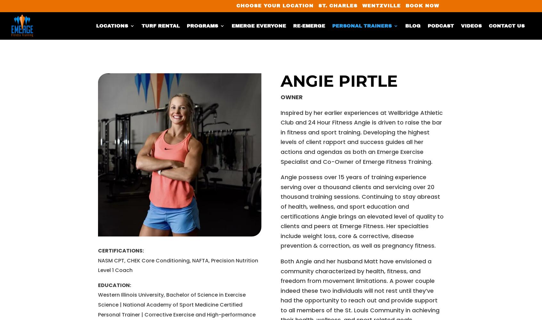 The image size is (542, 320). Describe the element at coordinates (160, 25) in the screenshot. I see `'TURF RENTAL'` at that location.